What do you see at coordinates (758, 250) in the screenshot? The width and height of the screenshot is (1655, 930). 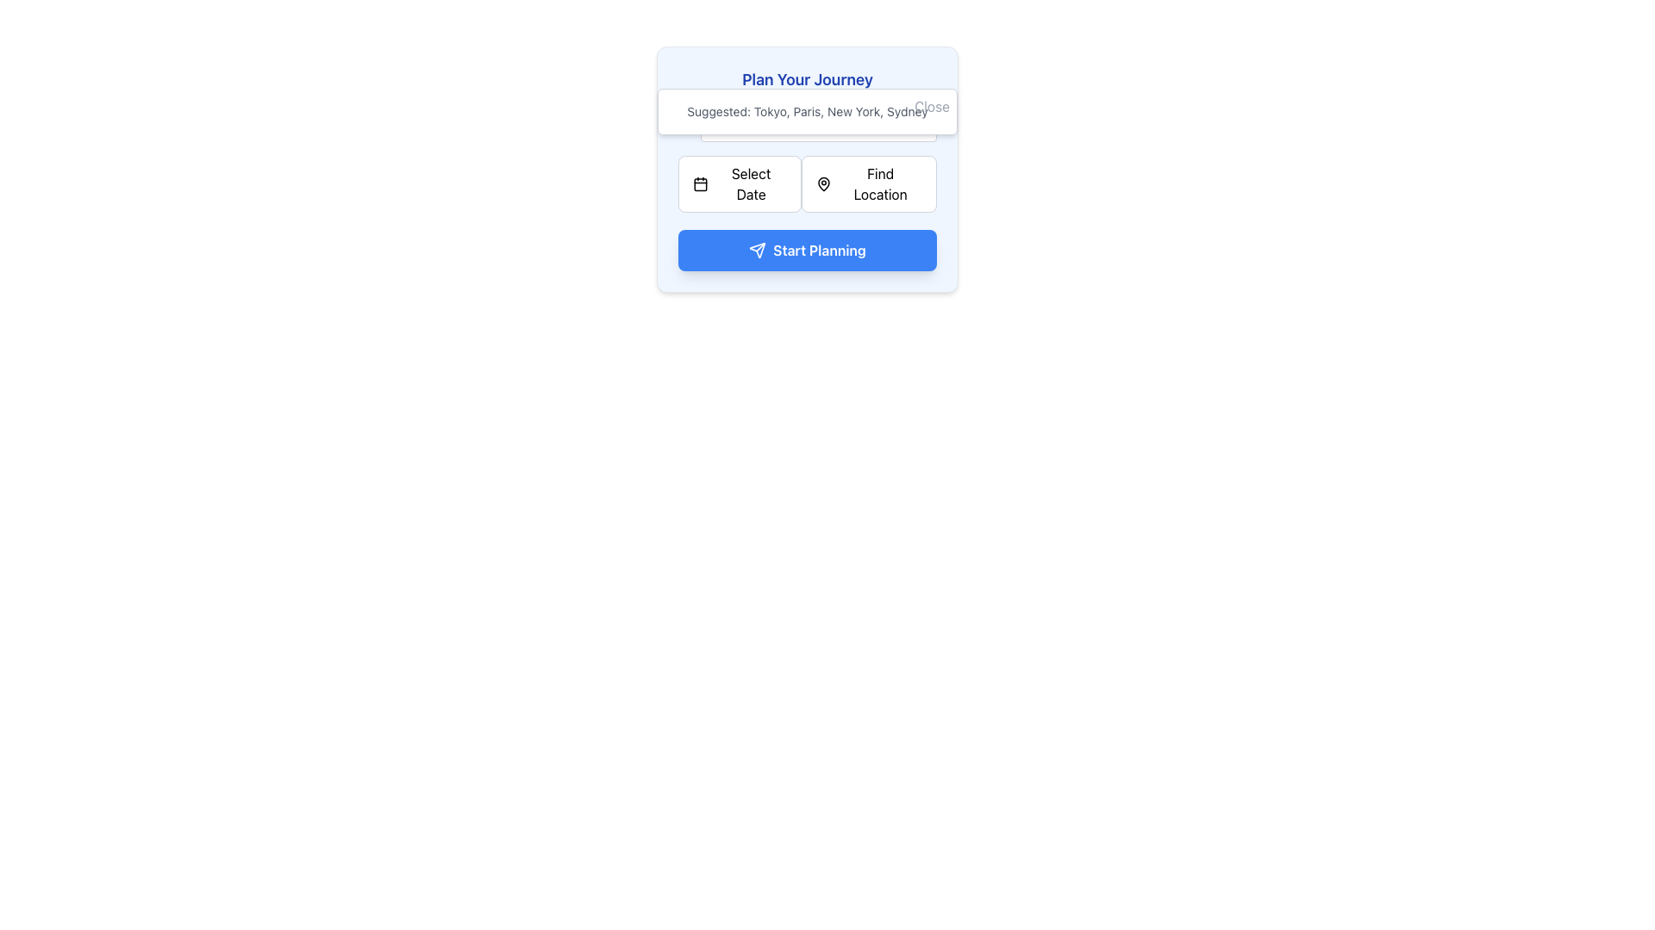 I see `the 'send' icon, which resembles an arrow or paper airplane, located to the left of the 'Start Planning' text in the button at the bottom of the card interface` at bounding box center [758, 250].